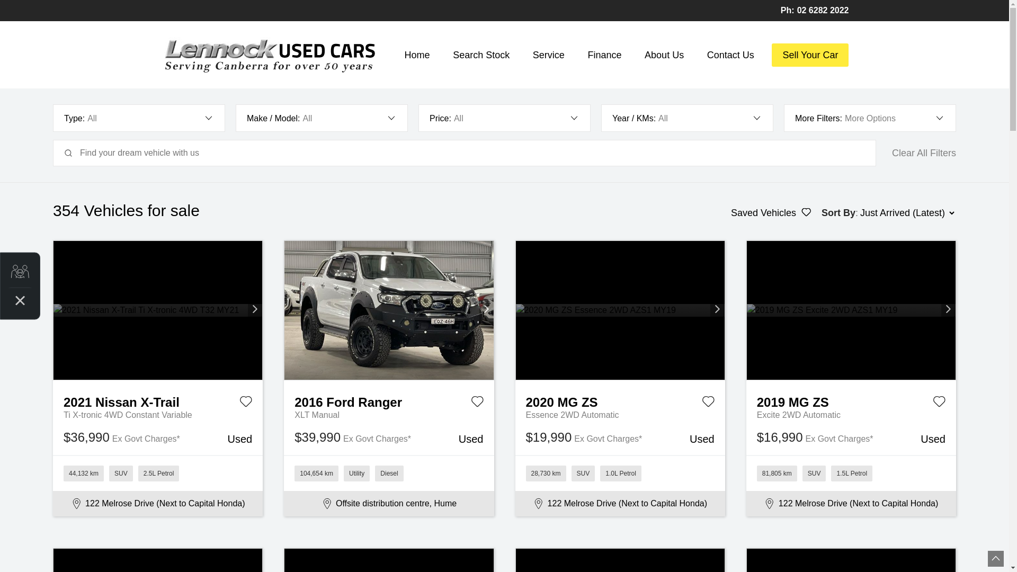  I want to click on '$19,990, so click(620, 438).